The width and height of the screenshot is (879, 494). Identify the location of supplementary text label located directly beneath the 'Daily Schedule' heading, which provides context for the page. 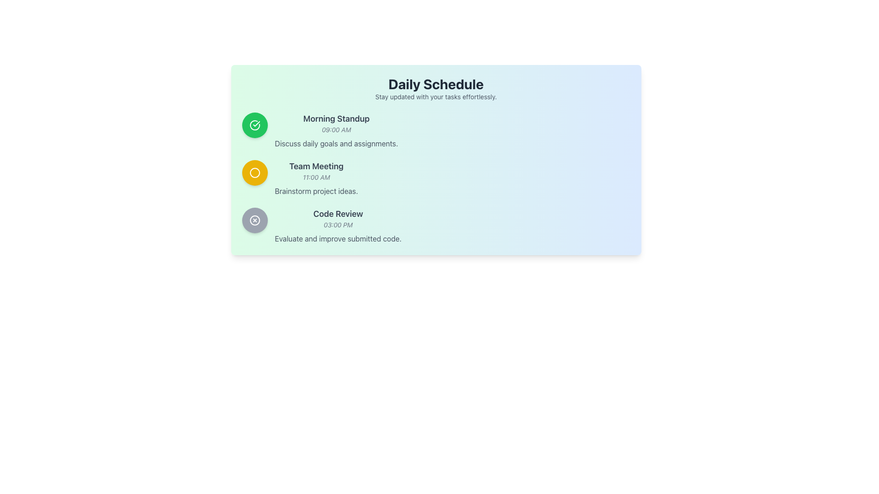
(435, 97).